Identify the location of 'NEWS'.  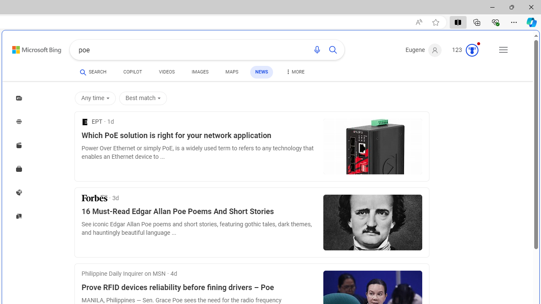
(261, 71).